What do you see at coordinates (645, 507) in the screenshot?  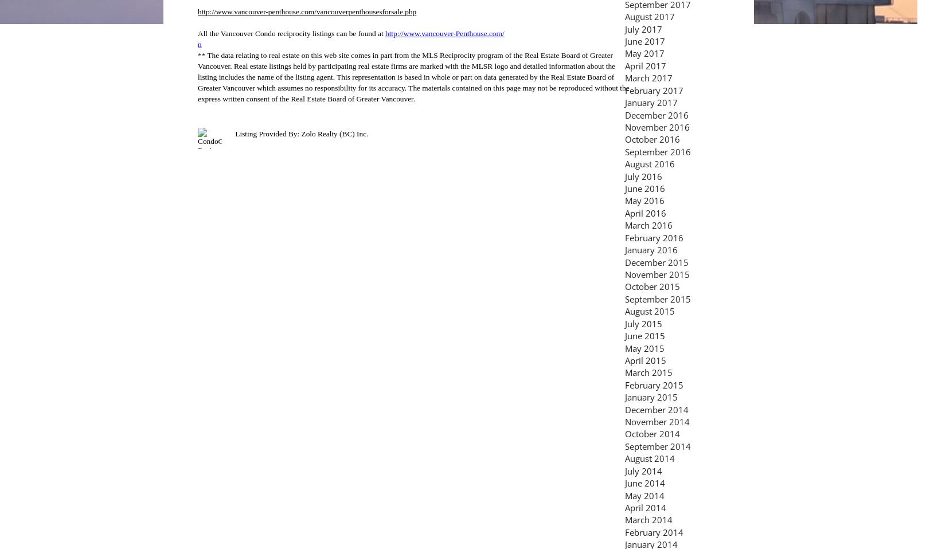 I see `'April 2014'` at bounding box center [645, 507].